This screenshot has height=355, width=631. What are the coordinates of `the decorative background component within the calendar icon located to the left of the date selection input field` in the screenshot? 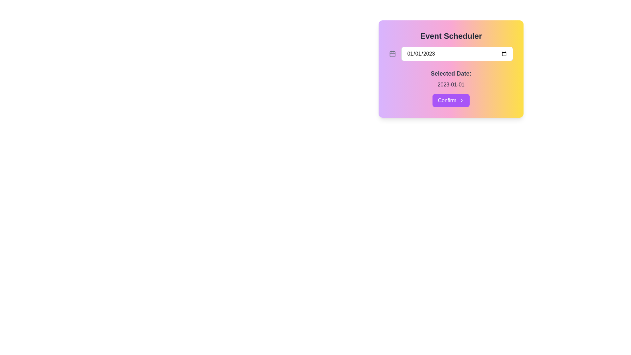 It's located at (392, 54).